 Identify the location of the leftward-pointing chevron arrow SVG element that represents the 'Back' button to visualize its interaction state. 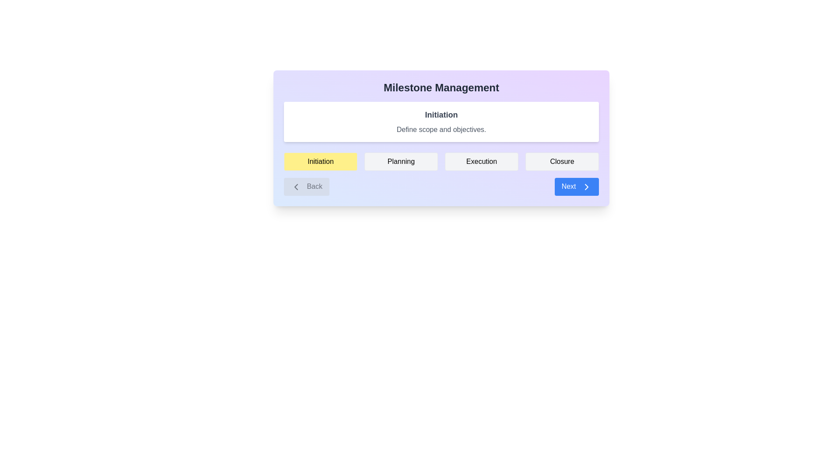
(296, 186).